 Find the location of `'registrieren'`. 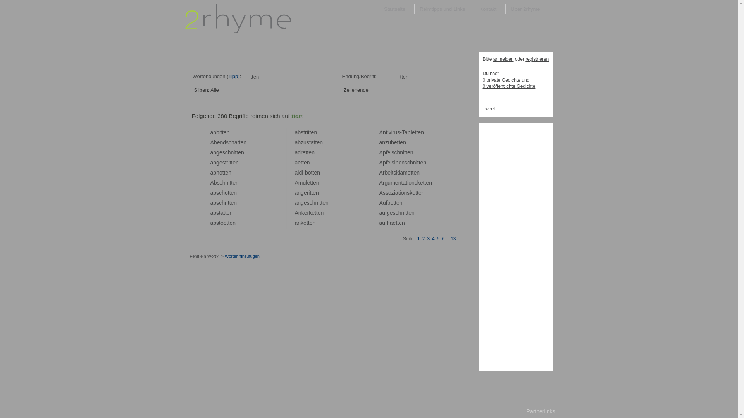

'registrieren' is located at coordinates (537, 59).